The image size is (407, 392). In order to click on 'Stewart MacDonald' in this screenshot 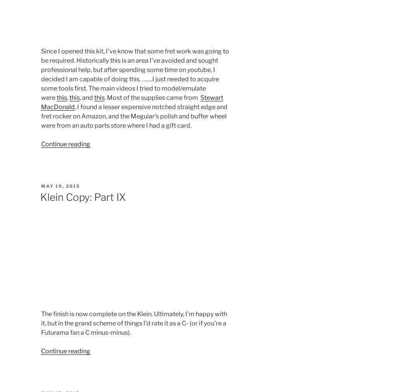, I will do `click(131, 101)`.